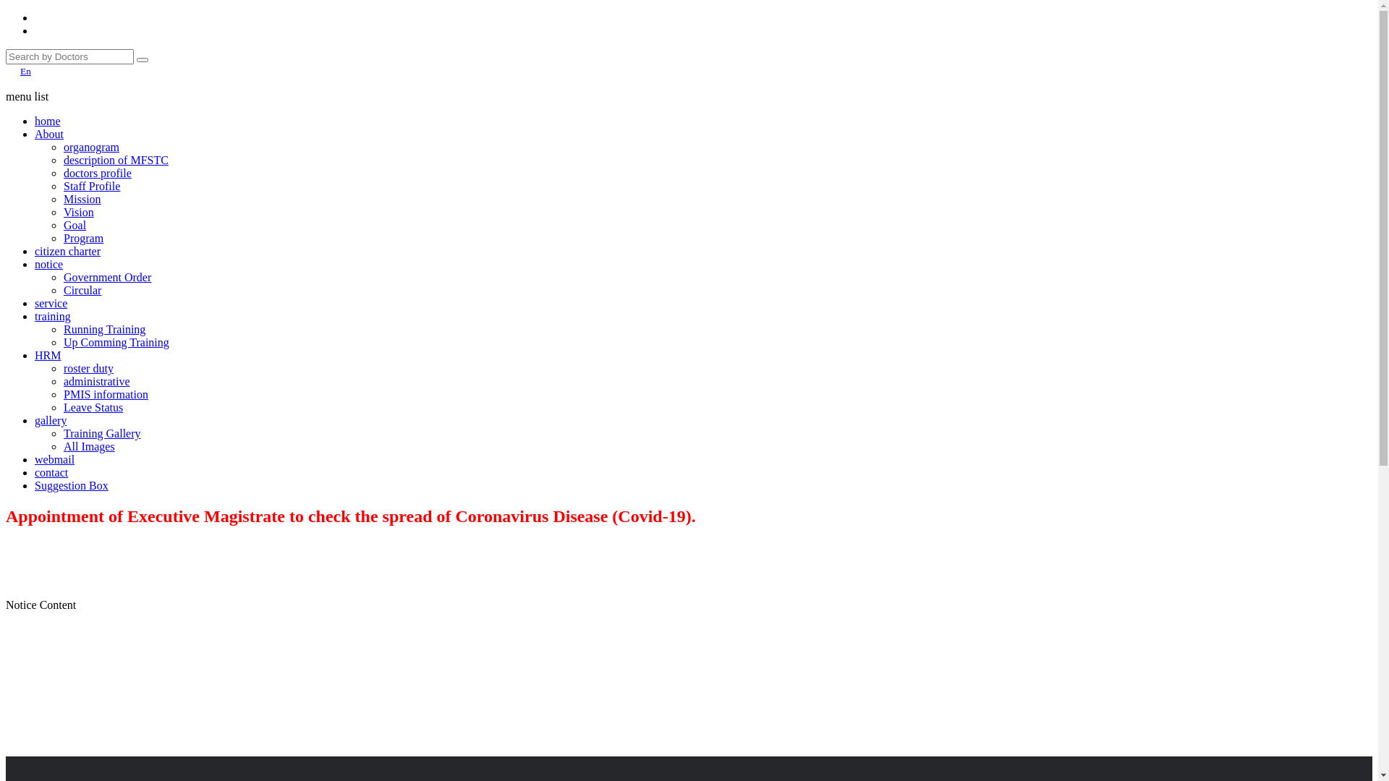 The height and width of the screenshot is (781, 1389). What do you see at coordinates (116, 160) in the screenshot?
I see `'description of MFSTC'` at bounding box center [116, 160].